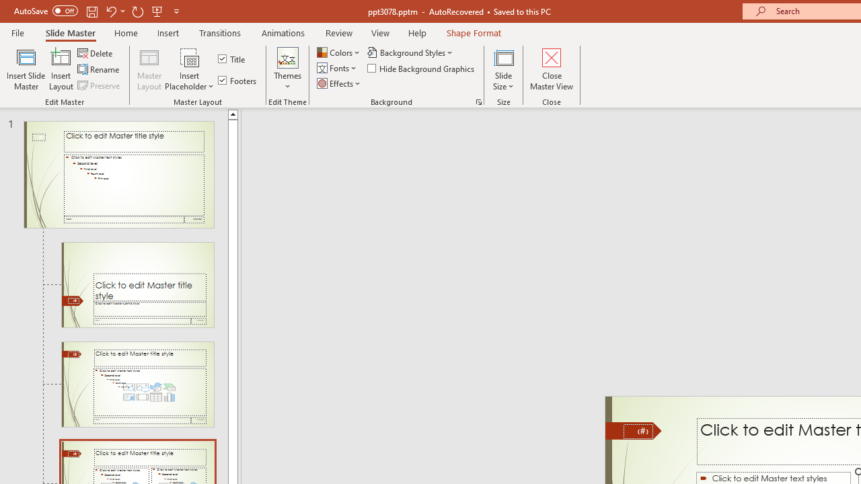 This screenshot has height=484, width=861. What do you see at coordinates (478, 101) in the screenshot?
I see `'Format Background...'` at bounding box center [478, 101].